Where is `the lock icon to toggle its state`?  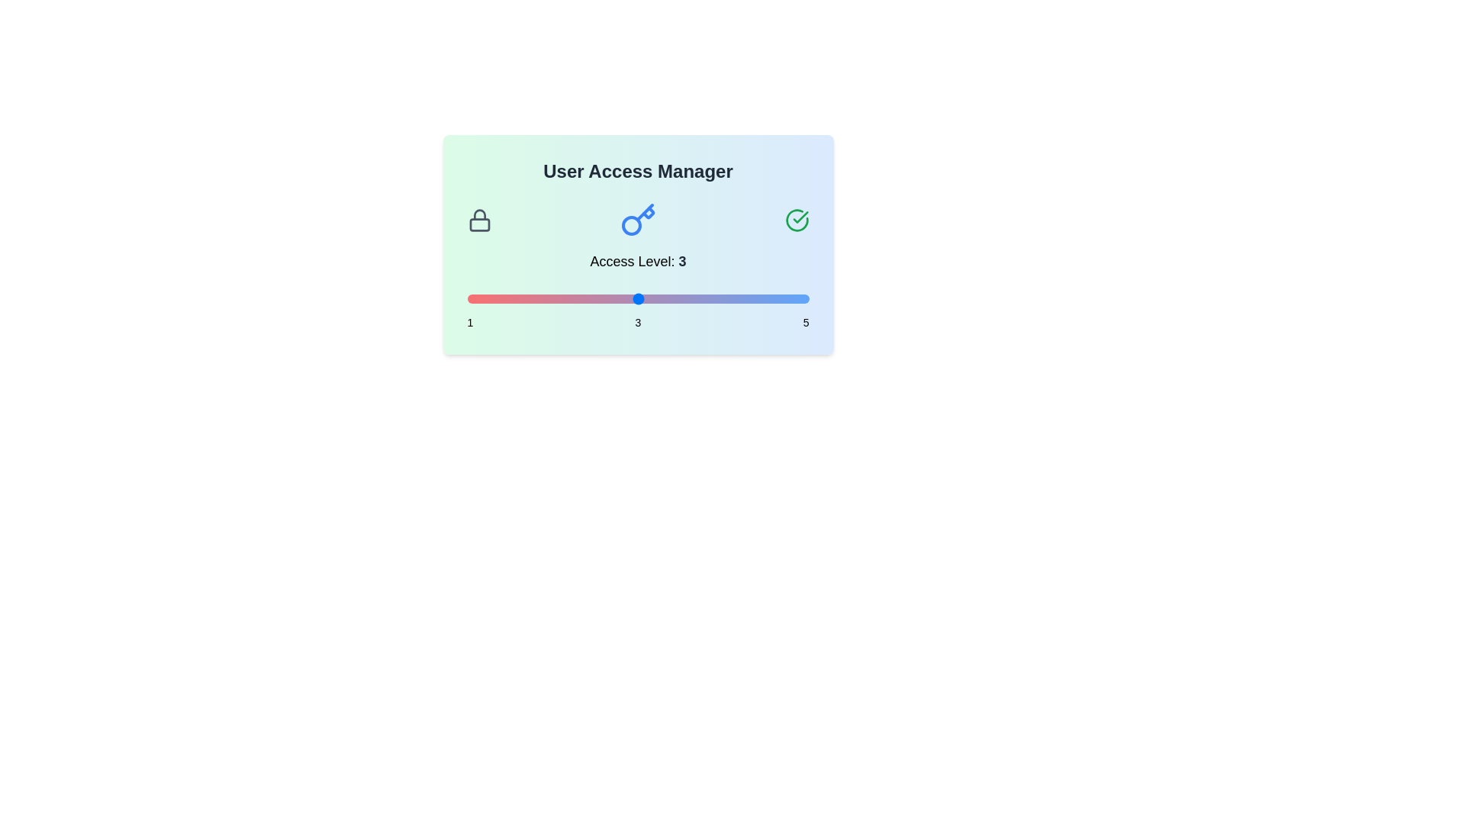
the lock icon to toggle its state is located at coordinates (478, 220).